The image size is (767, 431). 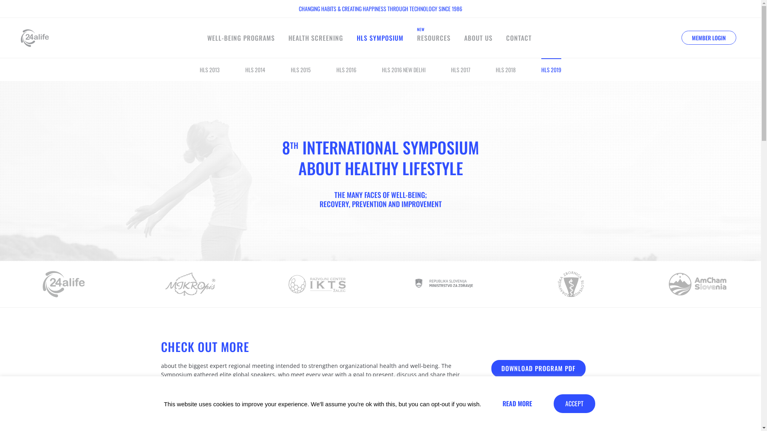 What do you see at coordinates (538, 368) in the screenshot?
I see `'DOWNLOAD PROGRAM PDF'` at bounding box center [538, 368].